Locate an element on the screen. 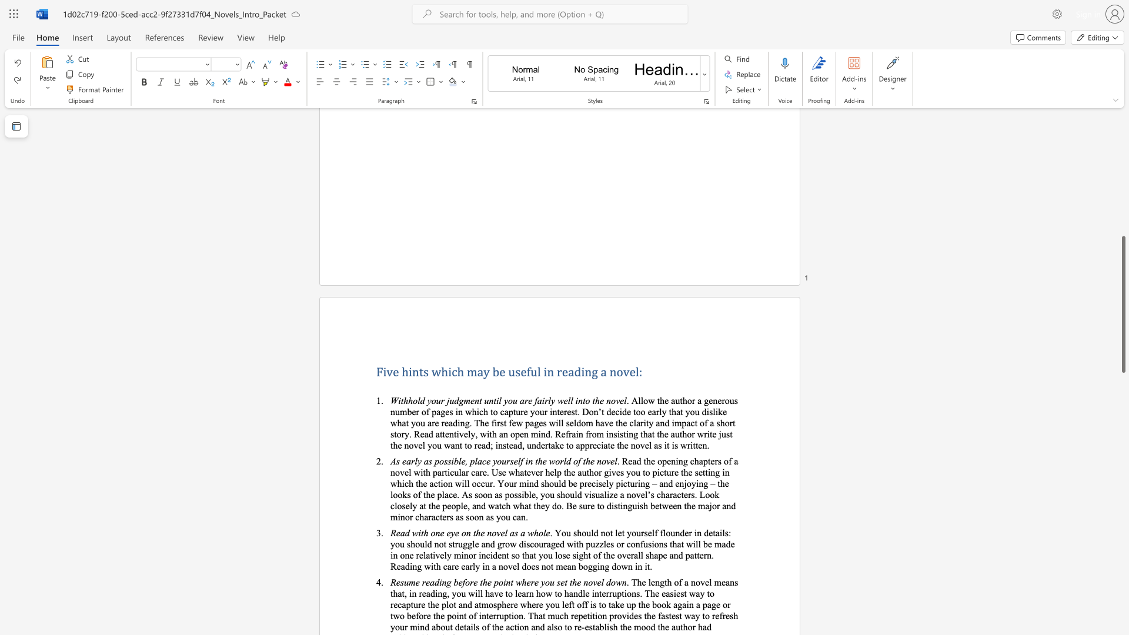  the subset text "place yourself in the world of the novel" within the text "As early as possible, place yourself in the world of the novel" is located at coordinates (469, 460).